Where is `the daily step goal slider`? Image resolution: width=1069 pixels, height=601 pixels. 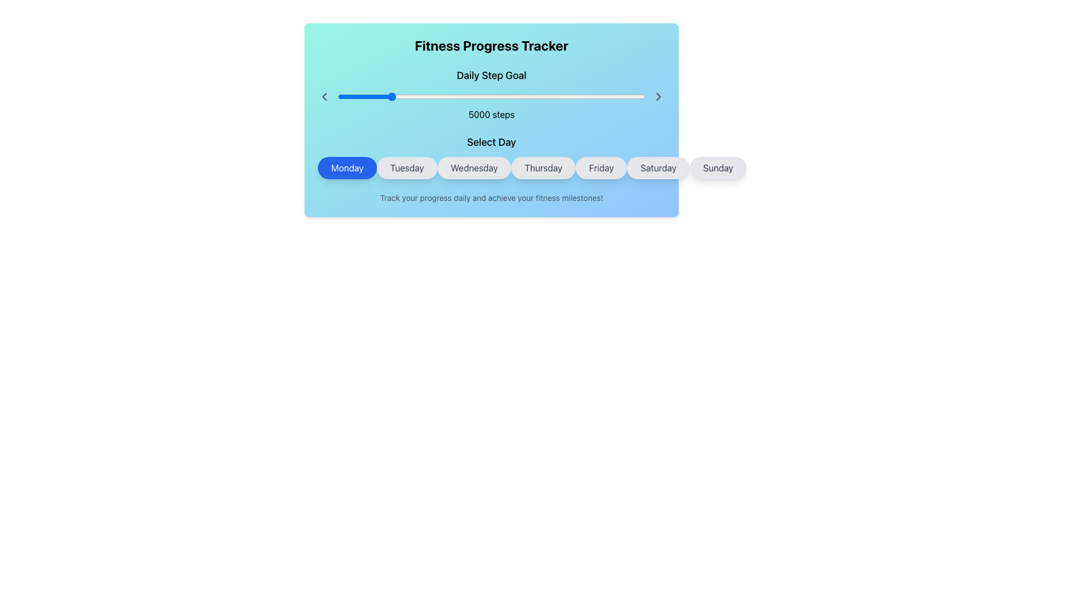
the daily step goal slider is located at coordinates (600, 96).